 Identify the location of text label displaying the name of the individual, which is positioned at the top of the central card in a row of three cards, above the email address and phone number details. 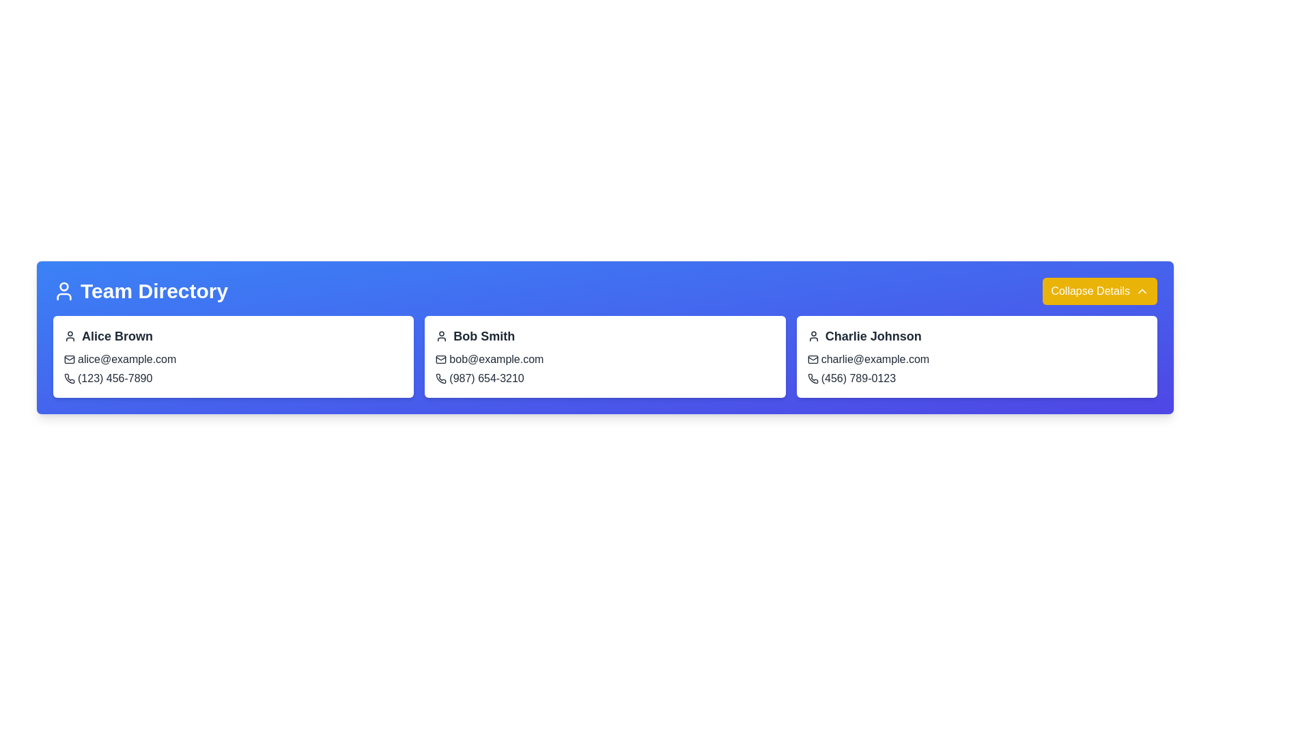
(475, 336).